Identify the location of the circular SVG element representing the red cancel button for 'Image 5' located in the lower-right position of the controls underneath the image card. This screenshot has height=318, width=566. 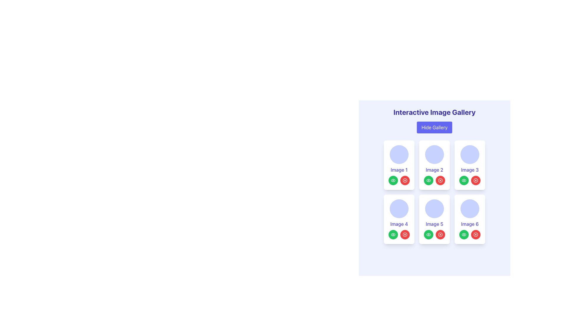
(440, 234).